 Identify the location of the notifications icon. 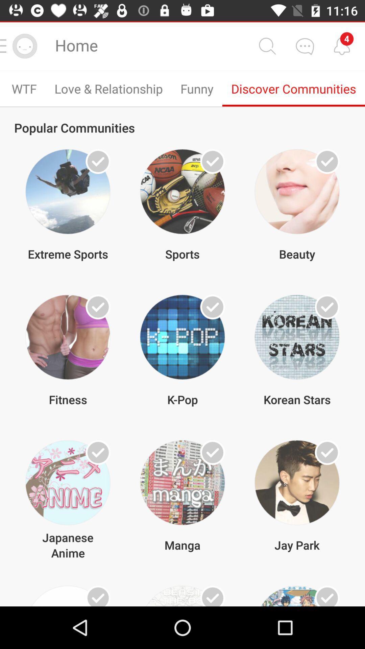
(342, 46).